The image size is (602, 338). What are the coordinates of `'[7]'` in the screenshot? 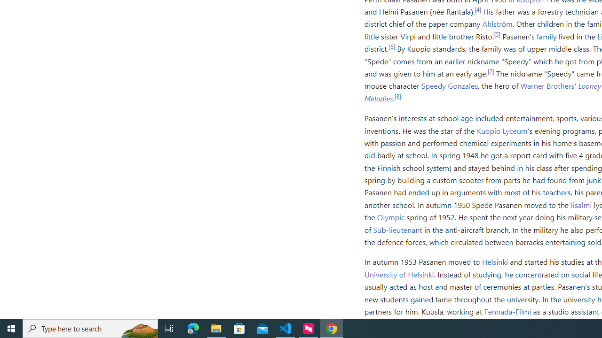 It's located at (490, 70).